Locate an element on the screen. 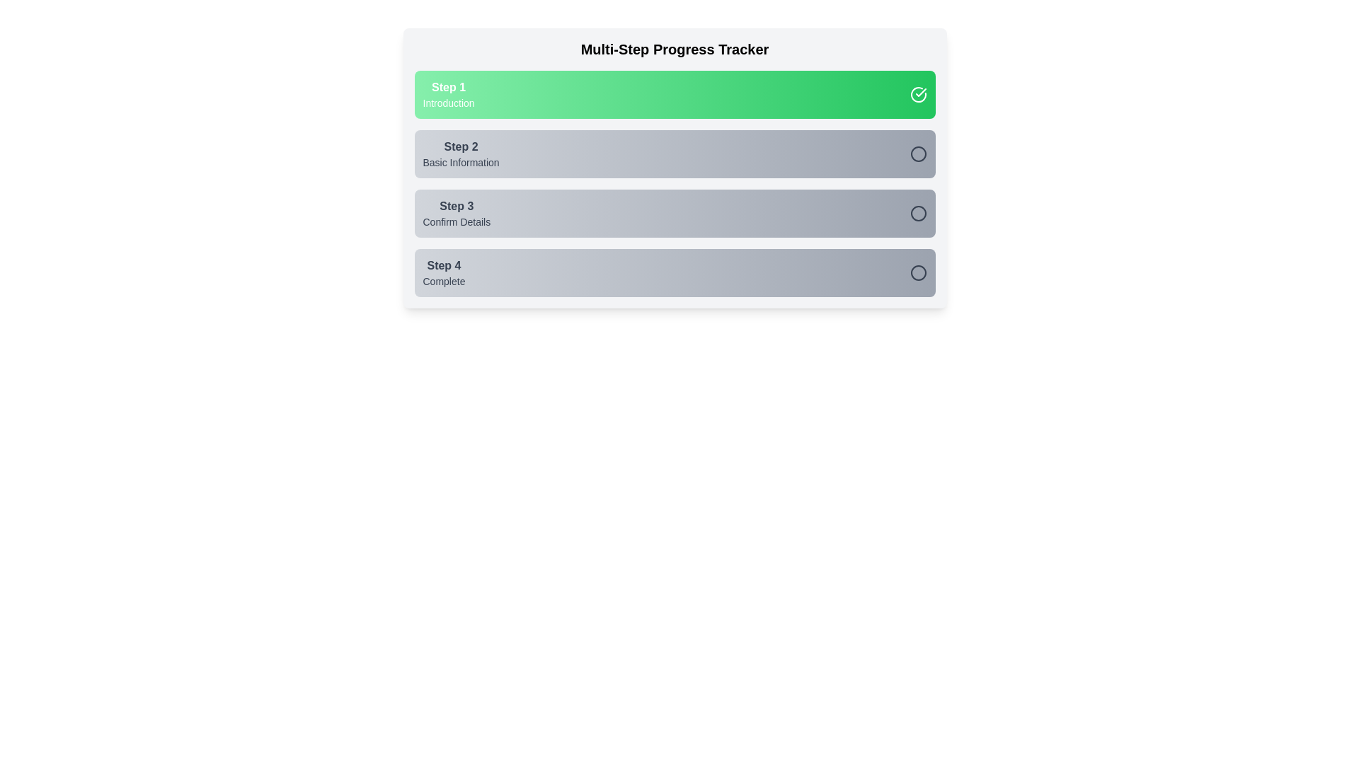 Image resolution: width=1359 pixels, height=764 pixels. the Toggle completion button (circular styled) to change its completion status, located in the 'Step 3 Confirm Details' section adjacent to the 'Confirm Details' text is located at coordinates (918, 213).